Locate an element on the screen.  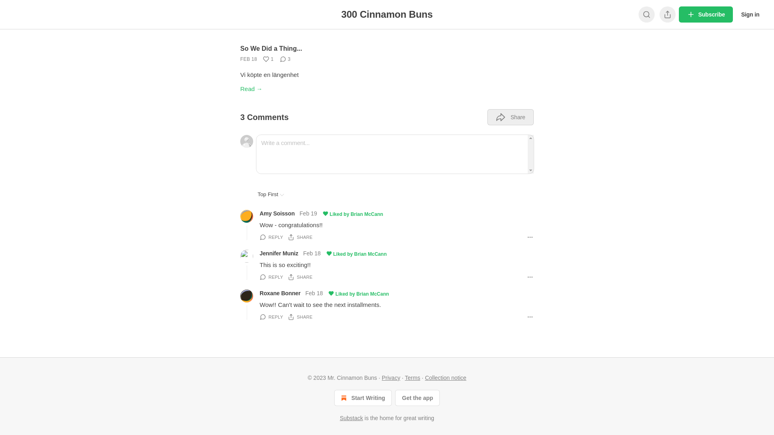
'SHARE' is located at coordinates (300, 237).